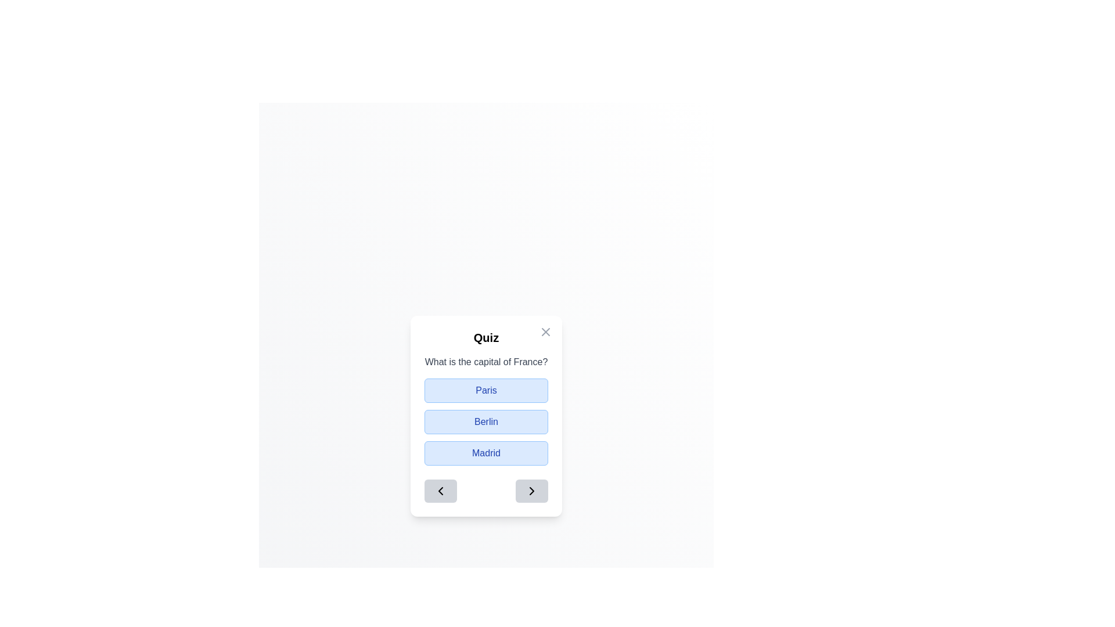 The image size is (1115, 627). Describe the element at coordinates (545, 331) in the screenshot. I see `the close button with an 'X' icon located in the top-right corner of the quiz card to change its color to black` at that location.